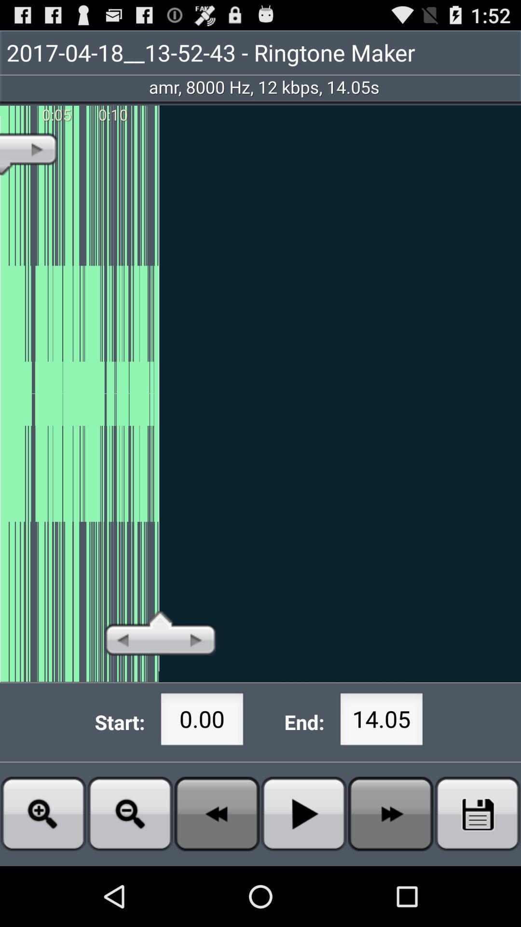 The image size is (521, 927). What do you see at coordinates (478, 871) in the screenshot?
I see `the save icon` at bounding box center [478, 871].